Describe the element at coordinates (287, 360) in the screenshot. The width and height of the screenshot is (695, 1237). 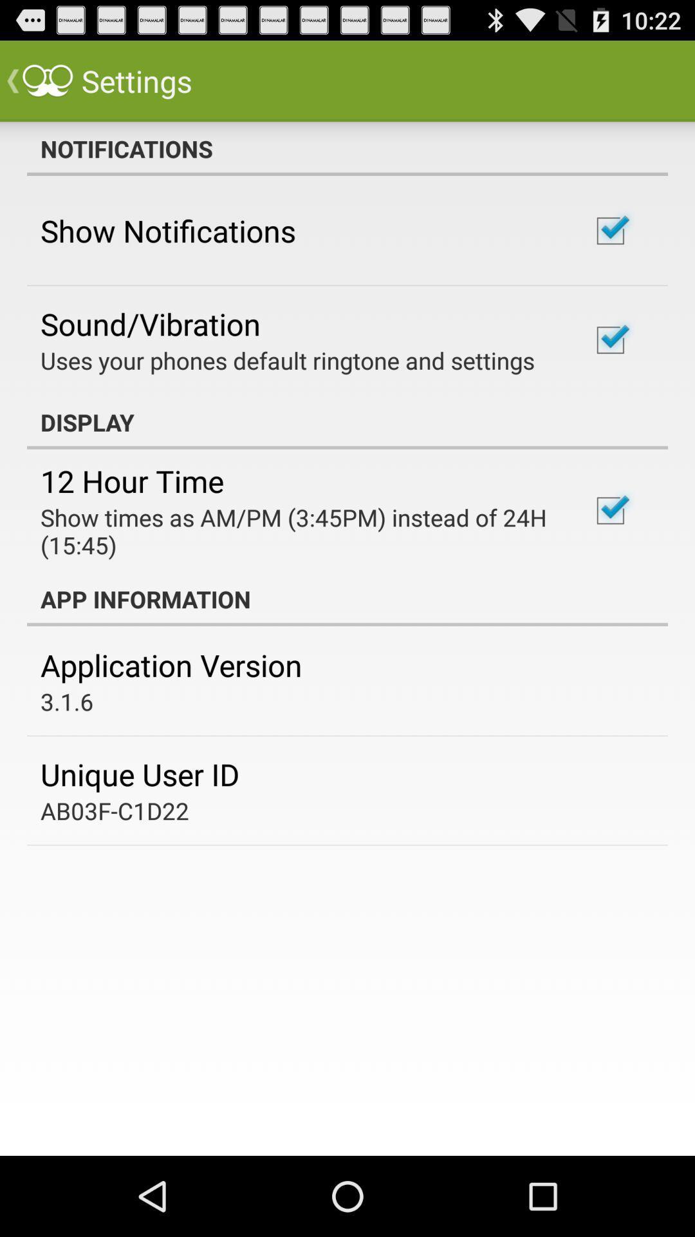
I see `the icon below the sound/vibration app` at that location.